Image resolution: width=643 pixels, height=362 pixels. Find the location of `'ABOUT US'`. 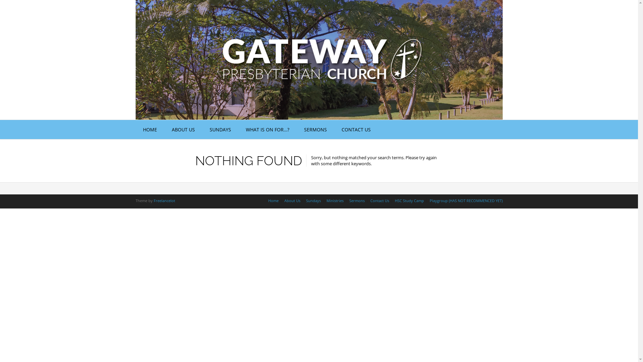

'ABOUT US' is located at coordinates (164, 129).